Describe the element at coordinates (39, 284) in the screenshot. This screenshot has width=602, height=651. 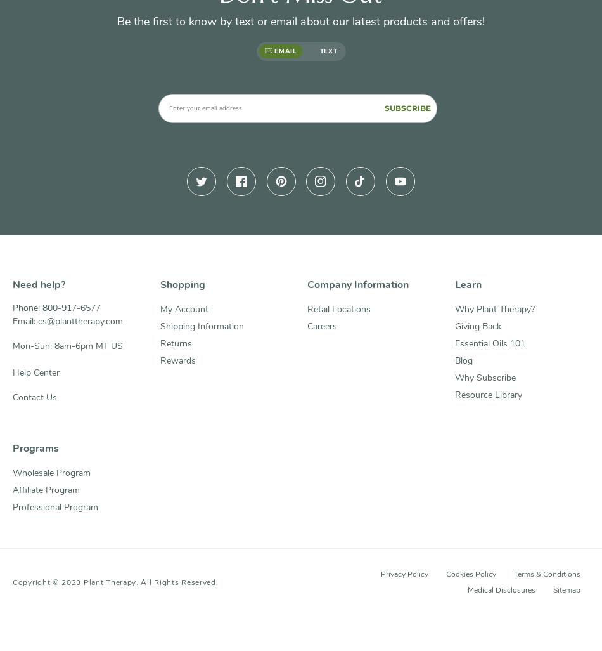
I see `'Need help?'` at that location.